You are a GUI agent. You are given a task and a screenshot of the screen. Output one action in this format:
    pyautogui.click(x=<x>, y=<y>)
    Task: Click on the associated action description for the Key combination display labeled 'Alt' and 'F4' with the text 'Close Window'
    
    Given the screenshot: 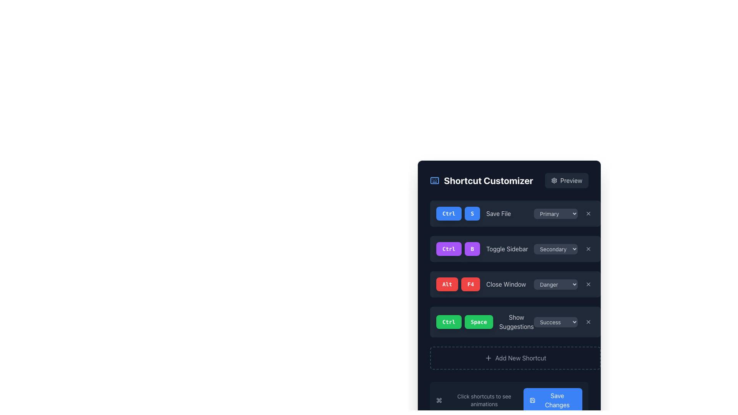 What is the action you would take?
    pyautogui.click(x=480, y=284)
    